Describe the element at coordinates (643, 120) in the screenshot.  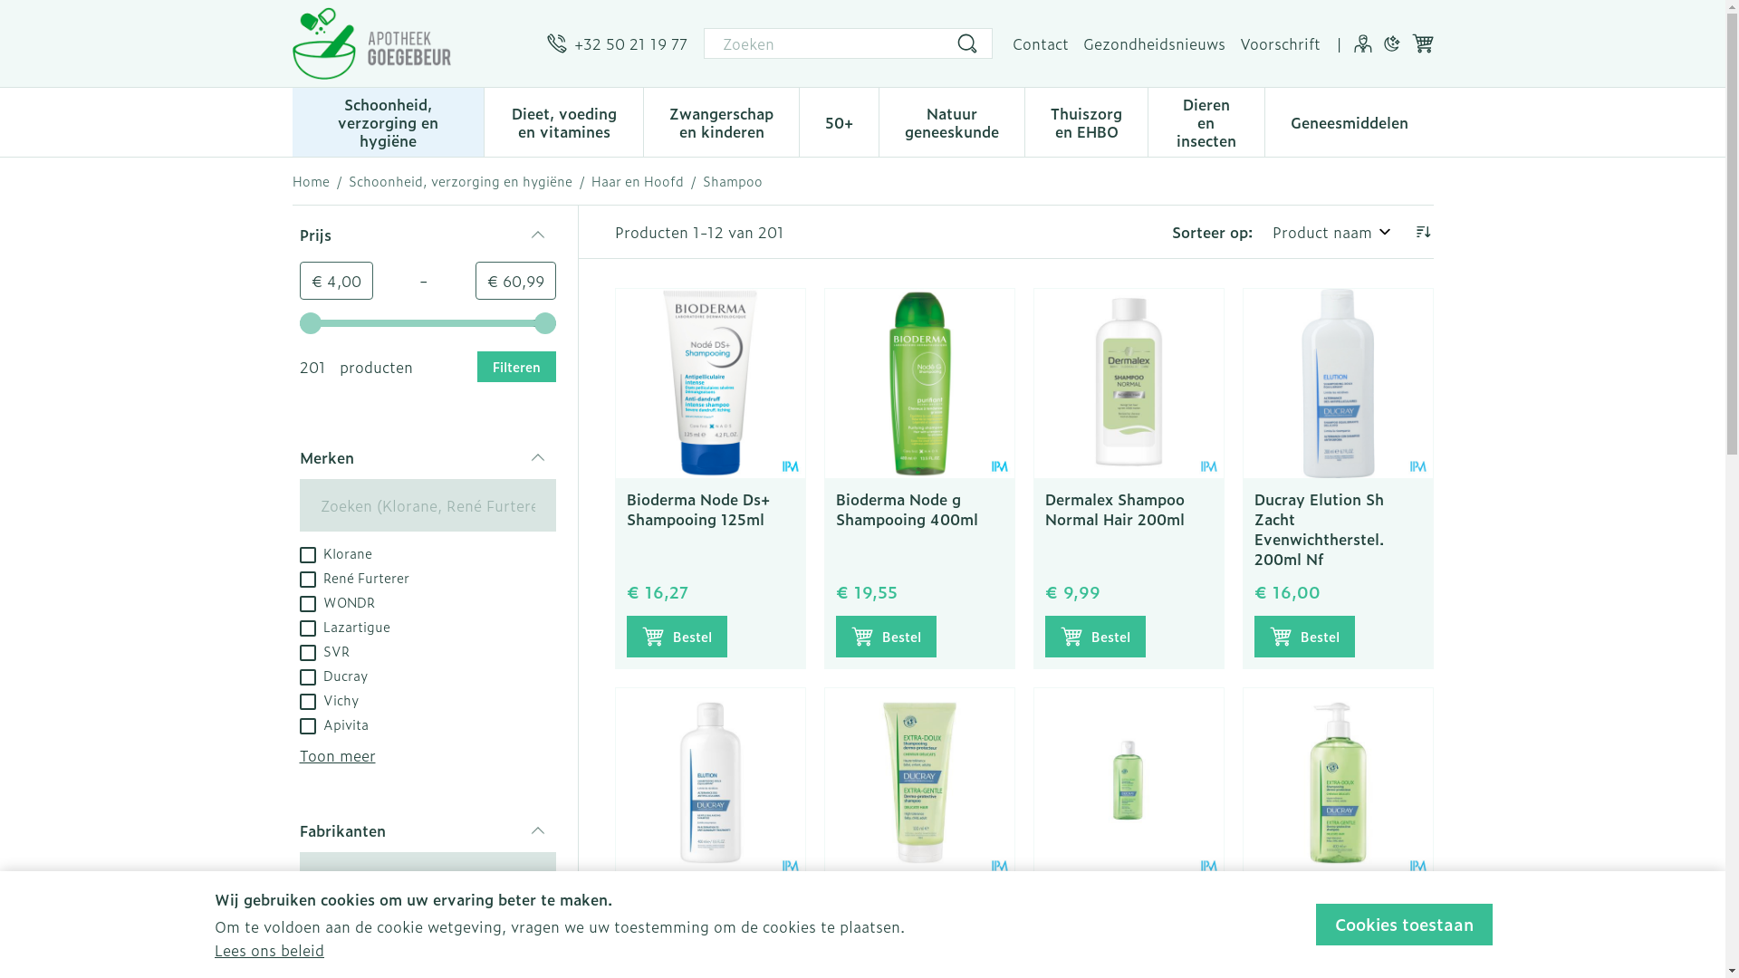
I see `'Zwangerschap en kinderen'` at that location.